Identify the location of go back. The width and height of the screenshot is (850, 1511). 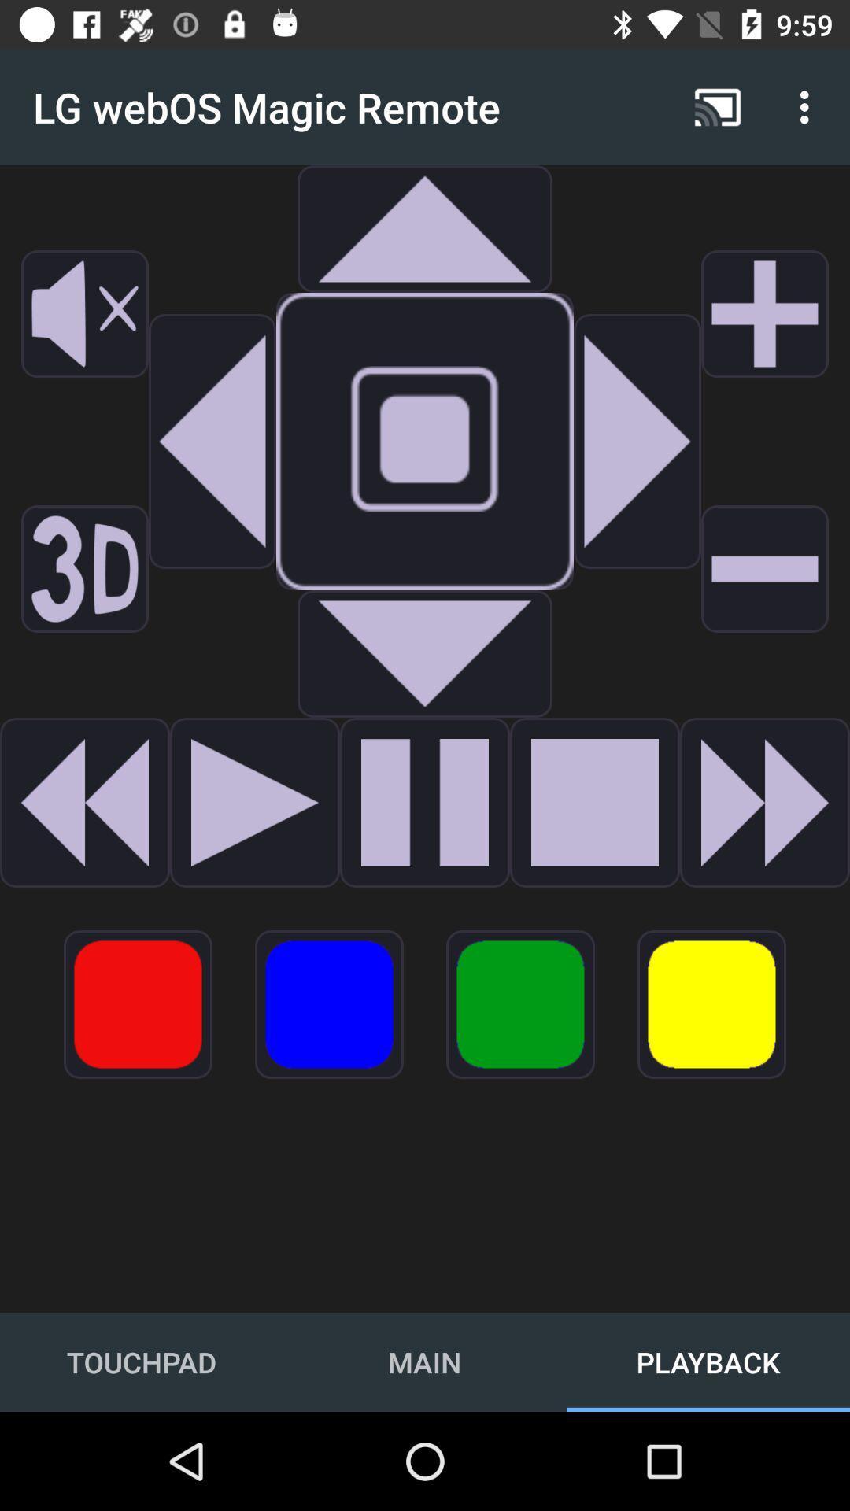
(85, 802).